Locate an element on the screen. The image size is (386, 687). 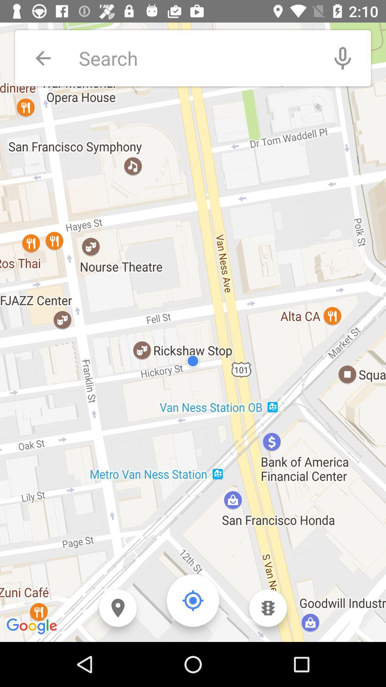
the location icon is located at coordinates (118, 608).